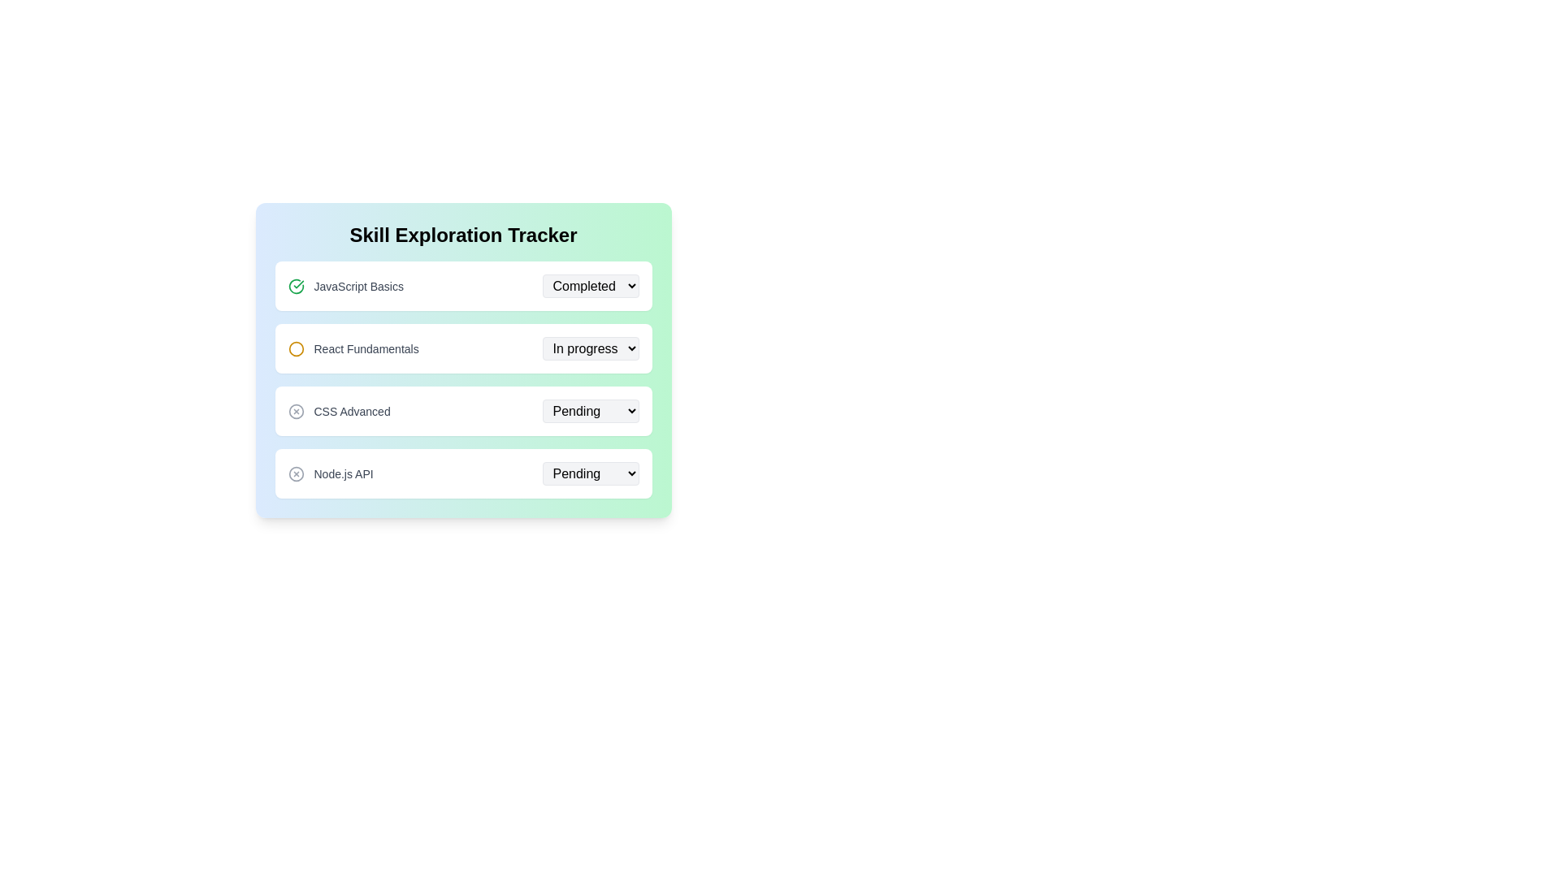  Describe the element at coordinates (330, 473) in the screenshot. I see `the text label that serves as the title for the fourth item in the list, which is located to the left of the 'Pending' dropdown and below 'CSS Advanced.'` at that location.